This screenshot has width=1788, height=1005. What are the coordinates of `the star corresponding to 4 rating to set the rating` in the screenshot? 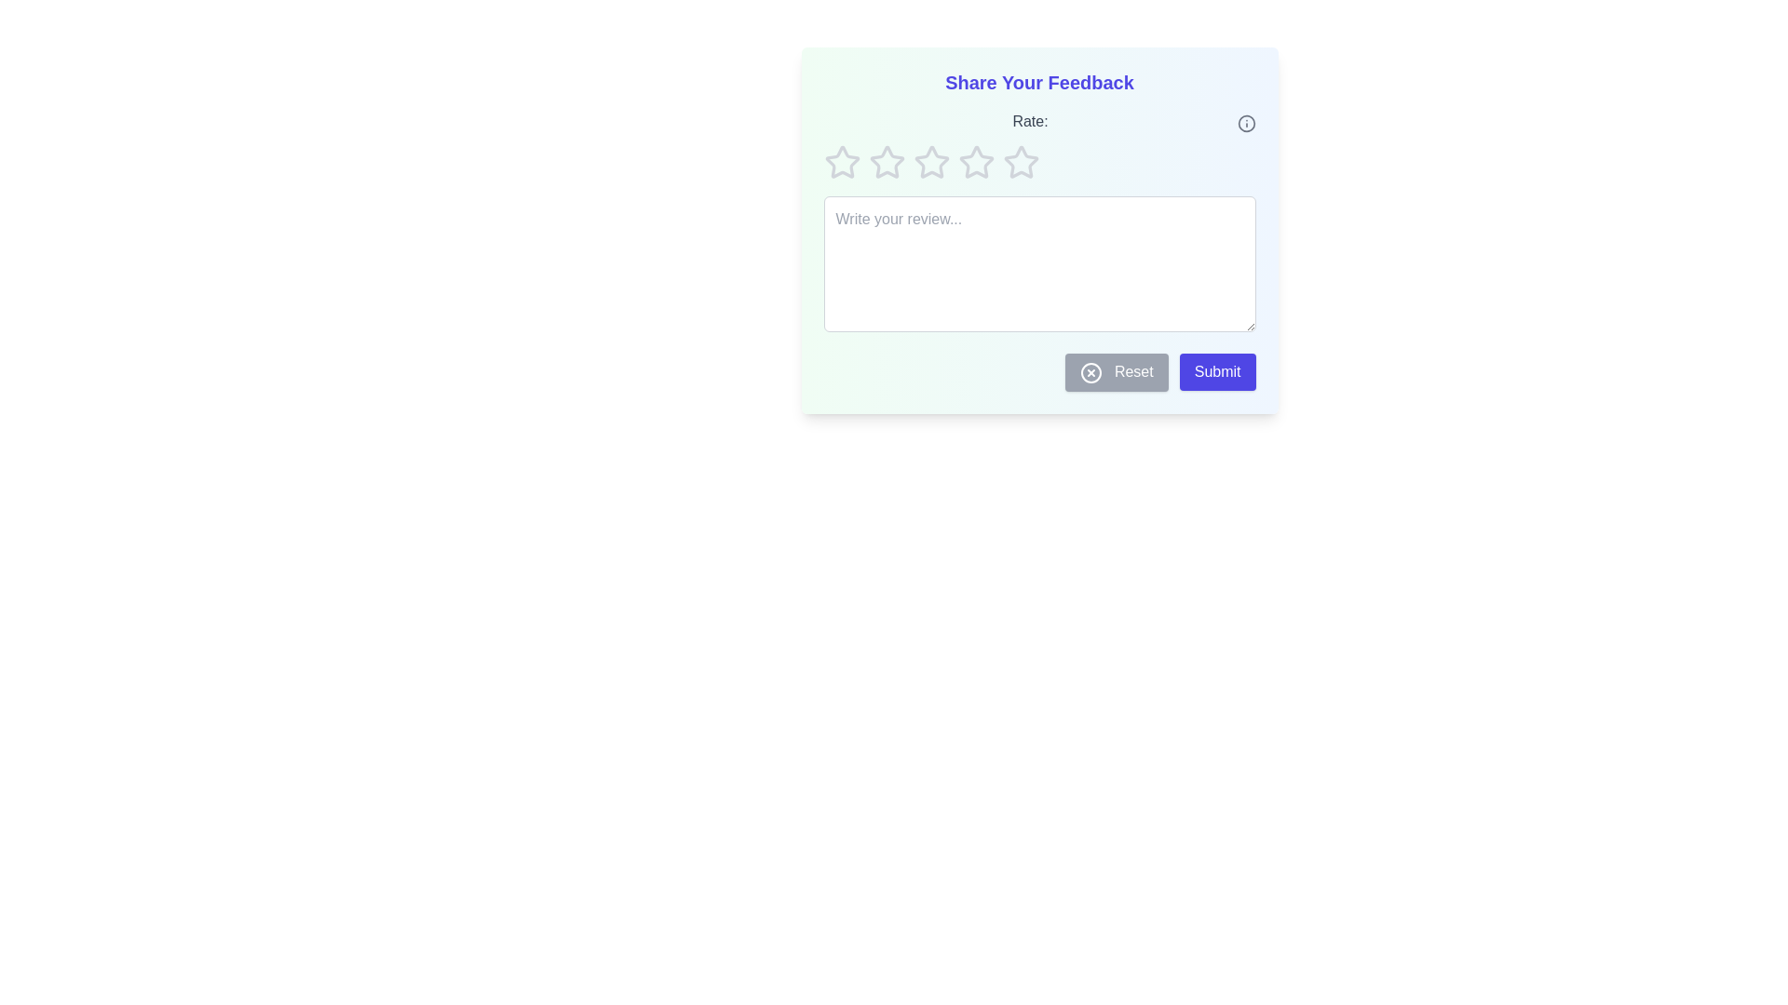 It's located at (975, 161).